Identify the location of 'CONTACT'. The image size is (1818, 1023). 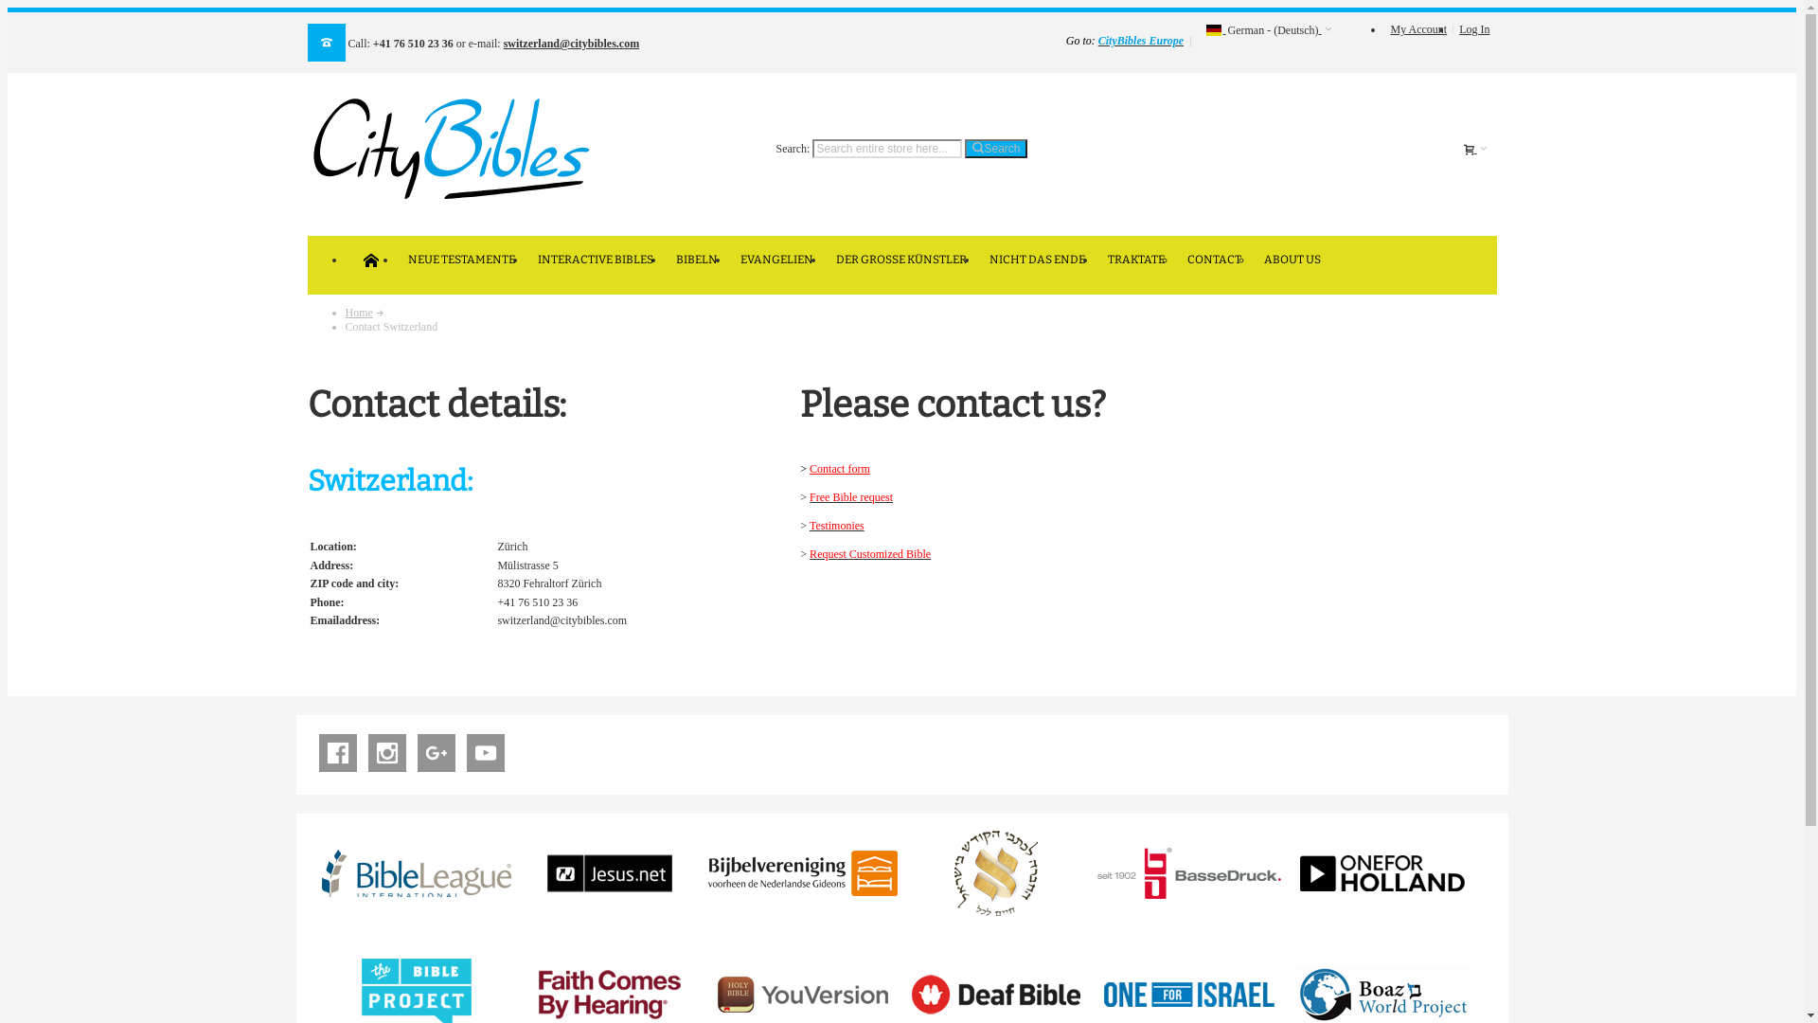
(1175, 259).